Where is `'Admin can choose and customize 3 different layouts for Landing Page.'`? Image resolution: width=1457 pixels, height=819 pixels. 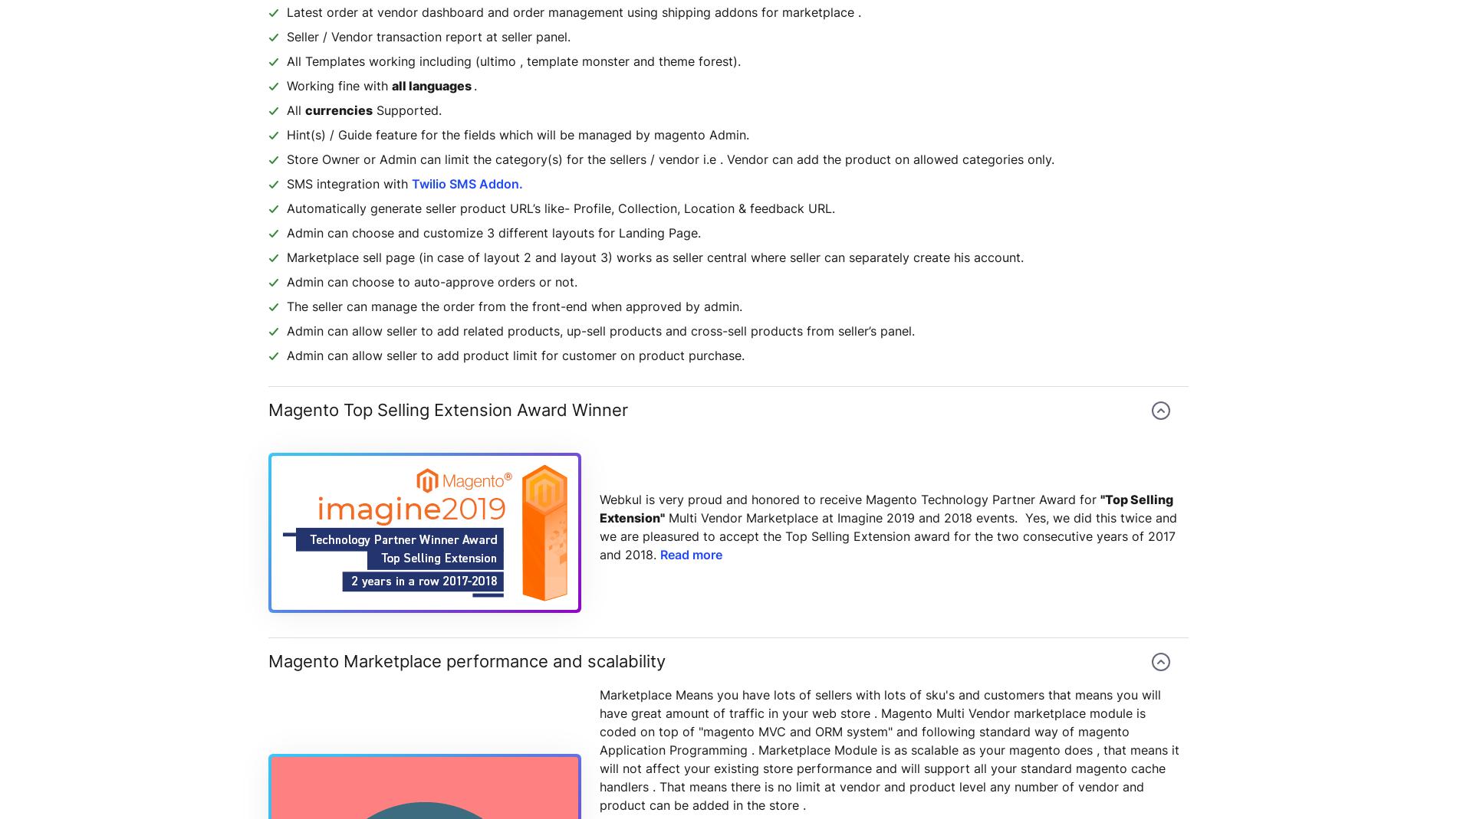
'Admin can choose and customize 3 different layouts for Landing Page.' is located at coordinates (493, 232).